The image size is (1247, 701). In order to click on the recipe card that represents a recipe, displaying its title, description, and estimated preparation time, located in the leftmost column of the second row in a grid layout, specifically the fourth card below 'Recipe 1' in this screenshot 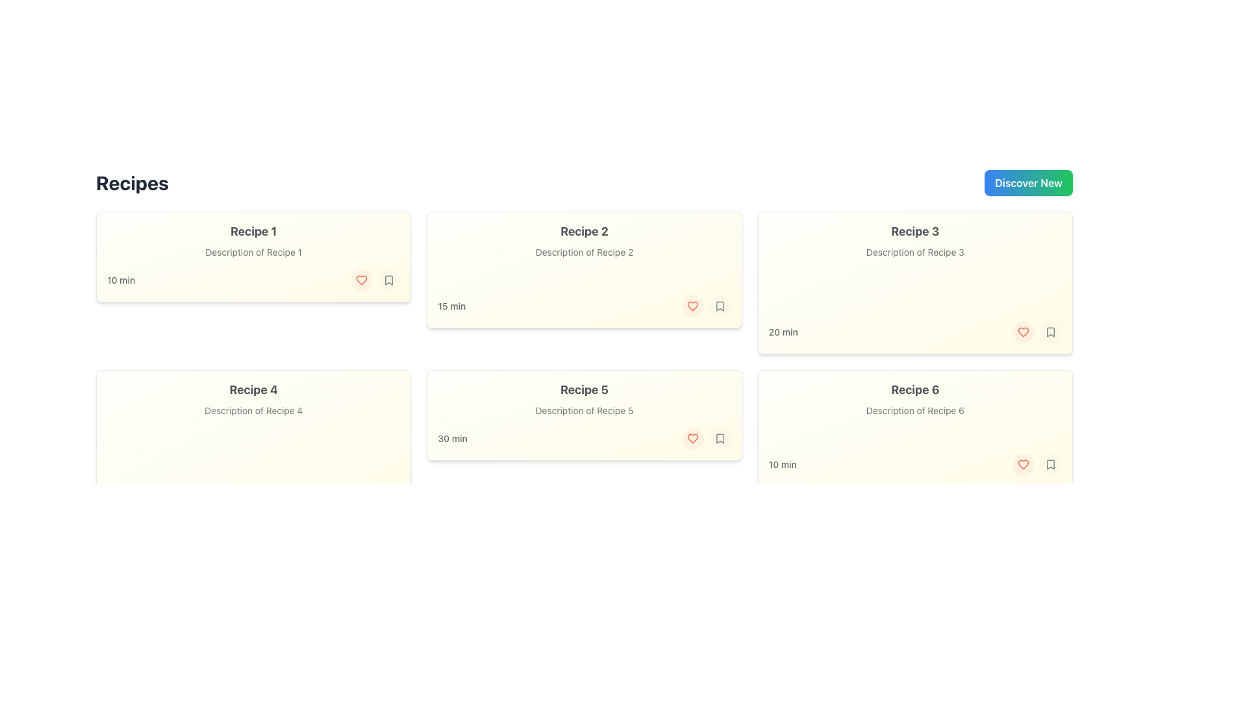, I will do `click(253, 453)`.